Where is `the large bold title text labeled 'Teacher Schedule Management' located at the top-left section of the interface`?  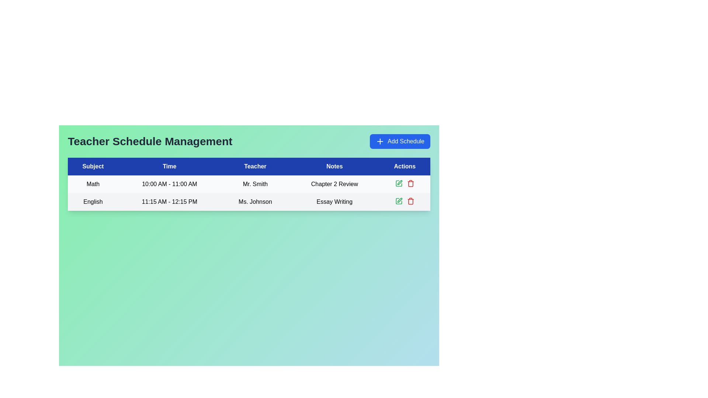
the large bold title text labeled 'Teacher Schedule Management' located at the top-left section of the interface is located at coordinates (150, 142).